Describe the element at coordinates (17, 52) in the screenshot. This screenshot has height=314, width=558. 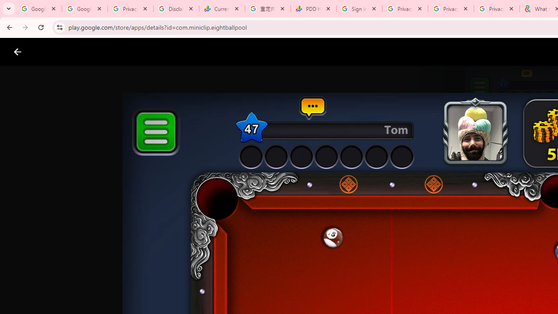
I see `'Close screenshot viewer'` at that location.